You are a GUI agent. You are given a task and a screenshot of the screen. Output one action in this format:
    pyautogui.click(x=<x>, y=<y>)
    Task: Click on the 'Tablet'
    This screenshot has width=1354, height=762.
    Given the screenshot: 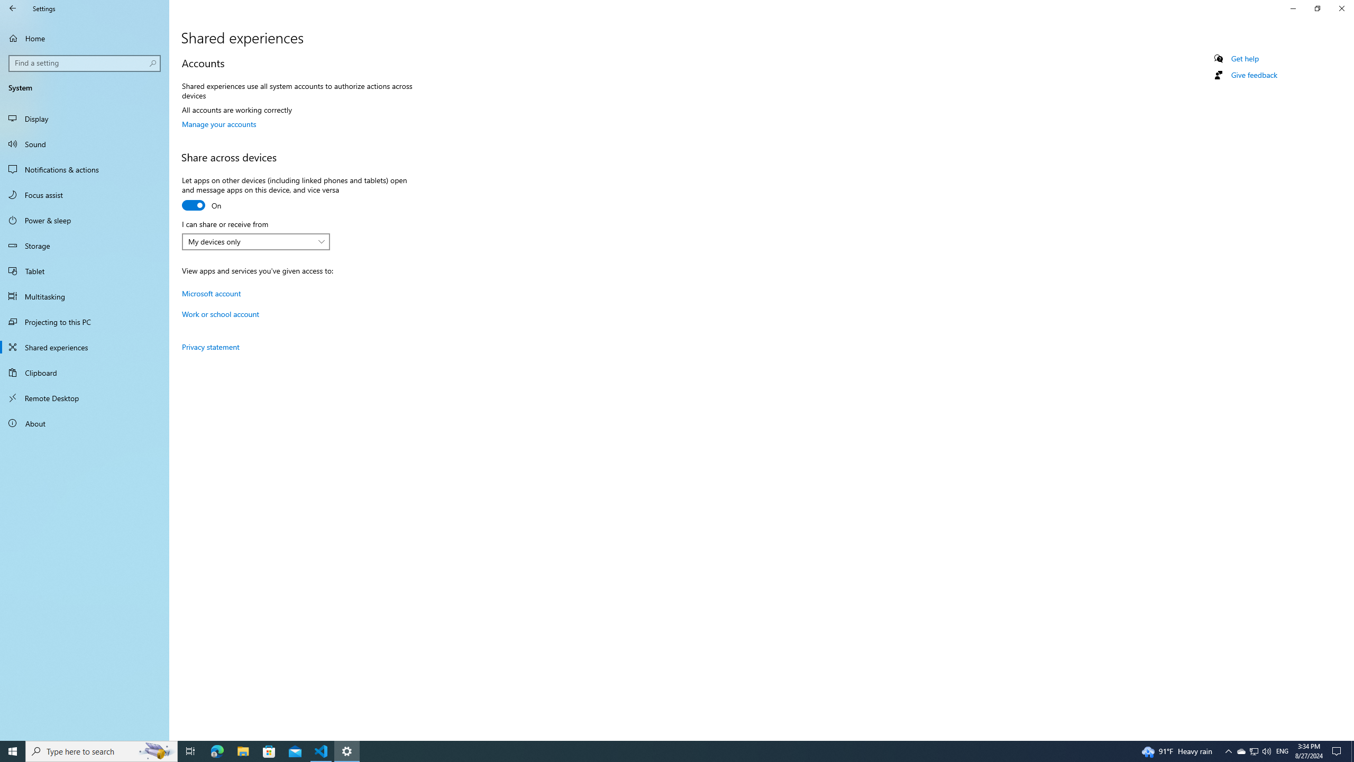 What is the action you would take?
    pyautogui.click(x=84, y=270)
    